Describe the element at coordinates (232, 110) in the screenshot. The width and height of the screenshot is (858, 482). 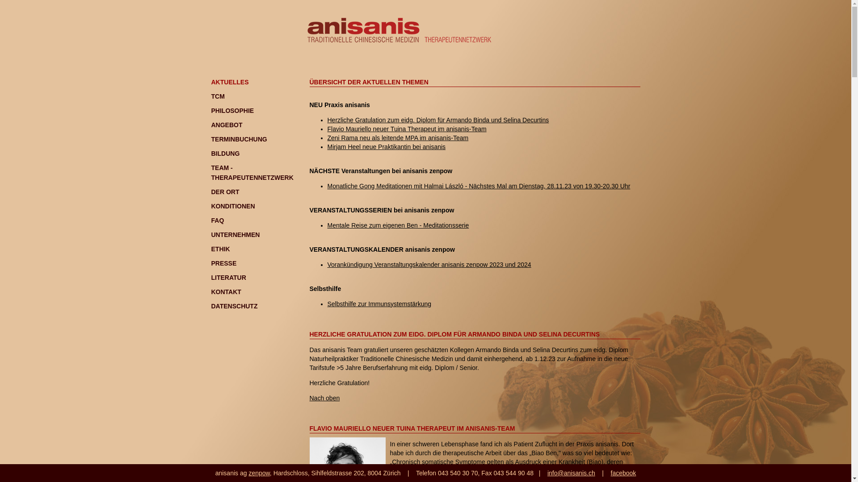
I see `'PHILOSOPHIE'` at that location.